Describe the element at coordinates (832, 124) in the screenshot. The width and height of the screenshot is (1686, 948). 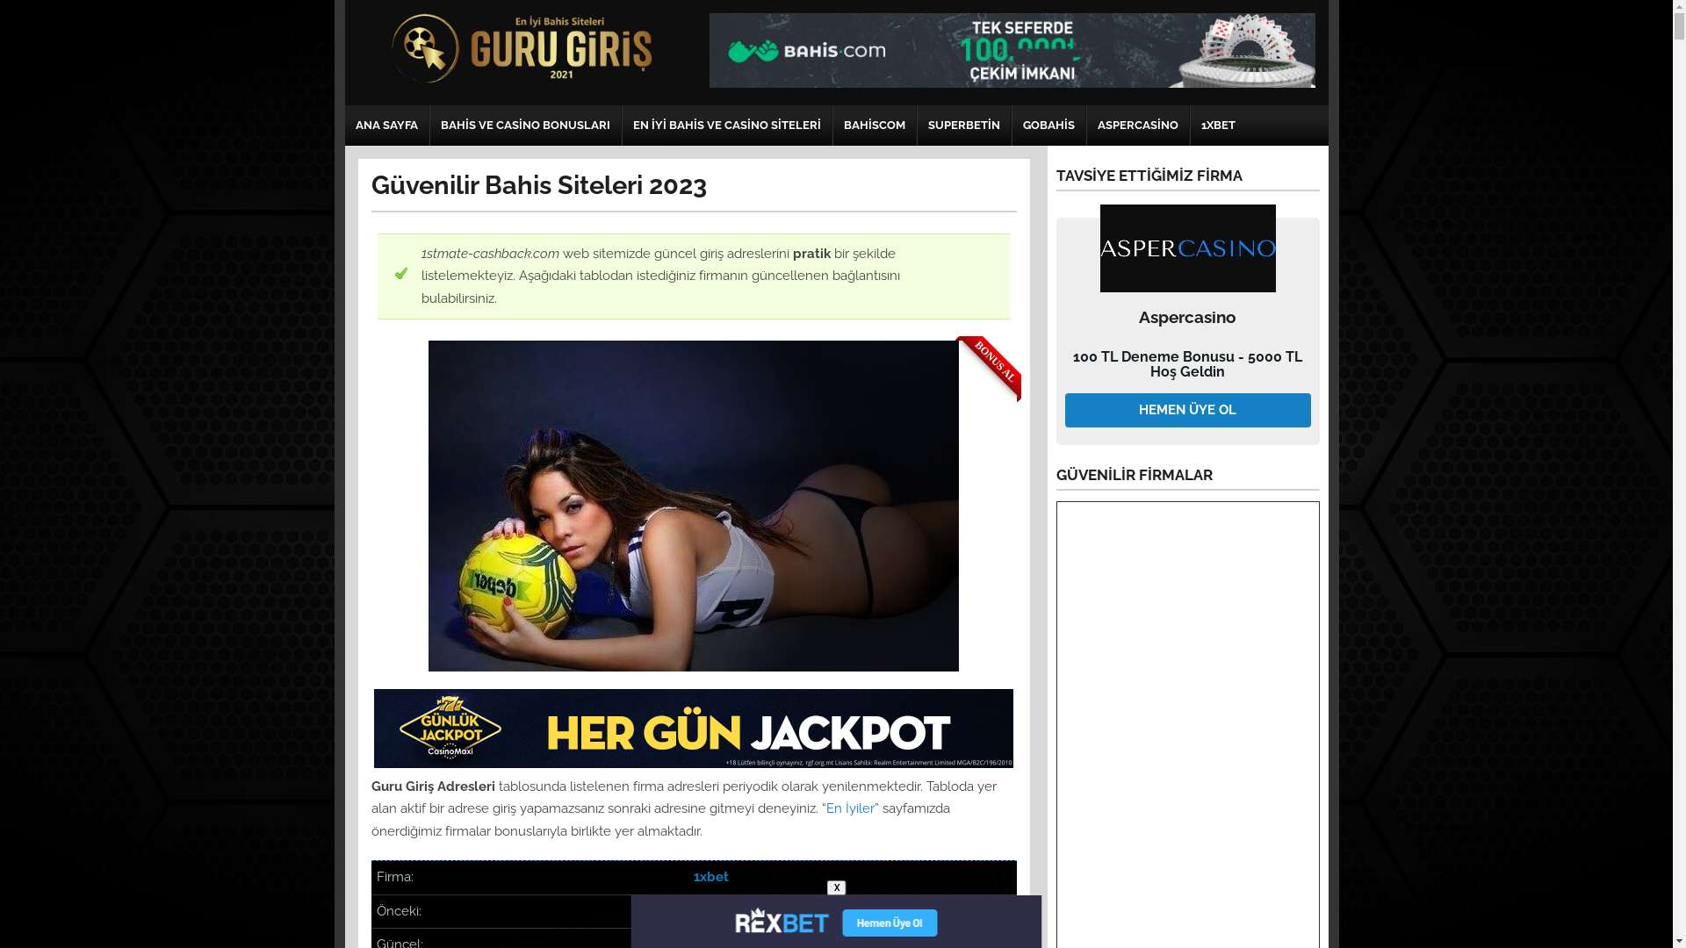
I see `'BAHISCOM'` at that location.